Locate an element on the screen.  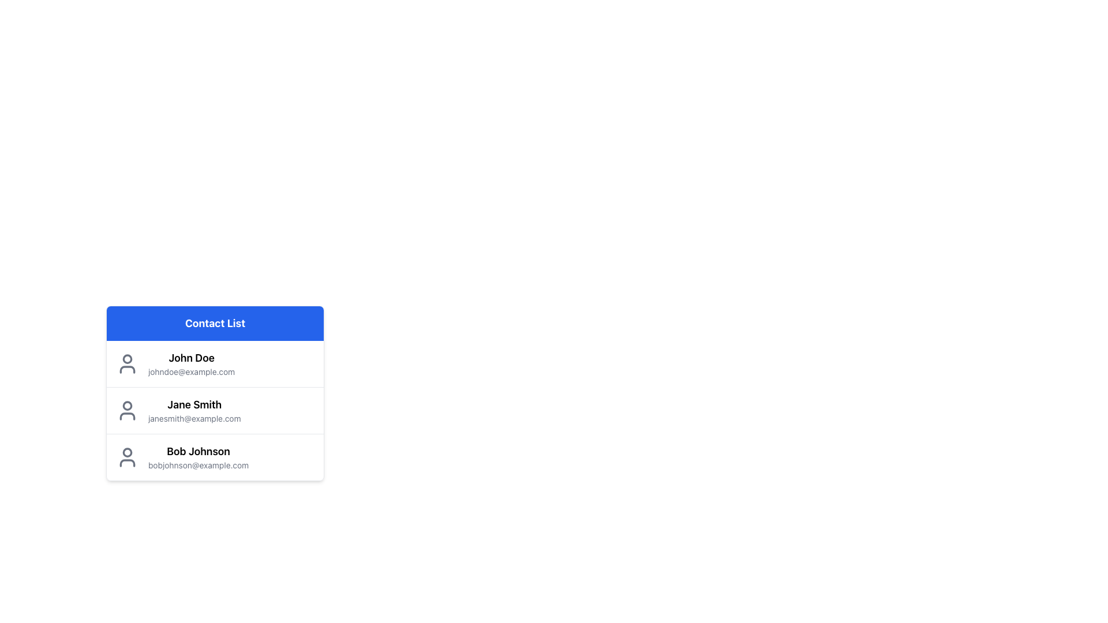
the contact name text label, which is the first name displayed in the contact list, located at the top section and aligned on the left side is located at coordinates (192, 358).